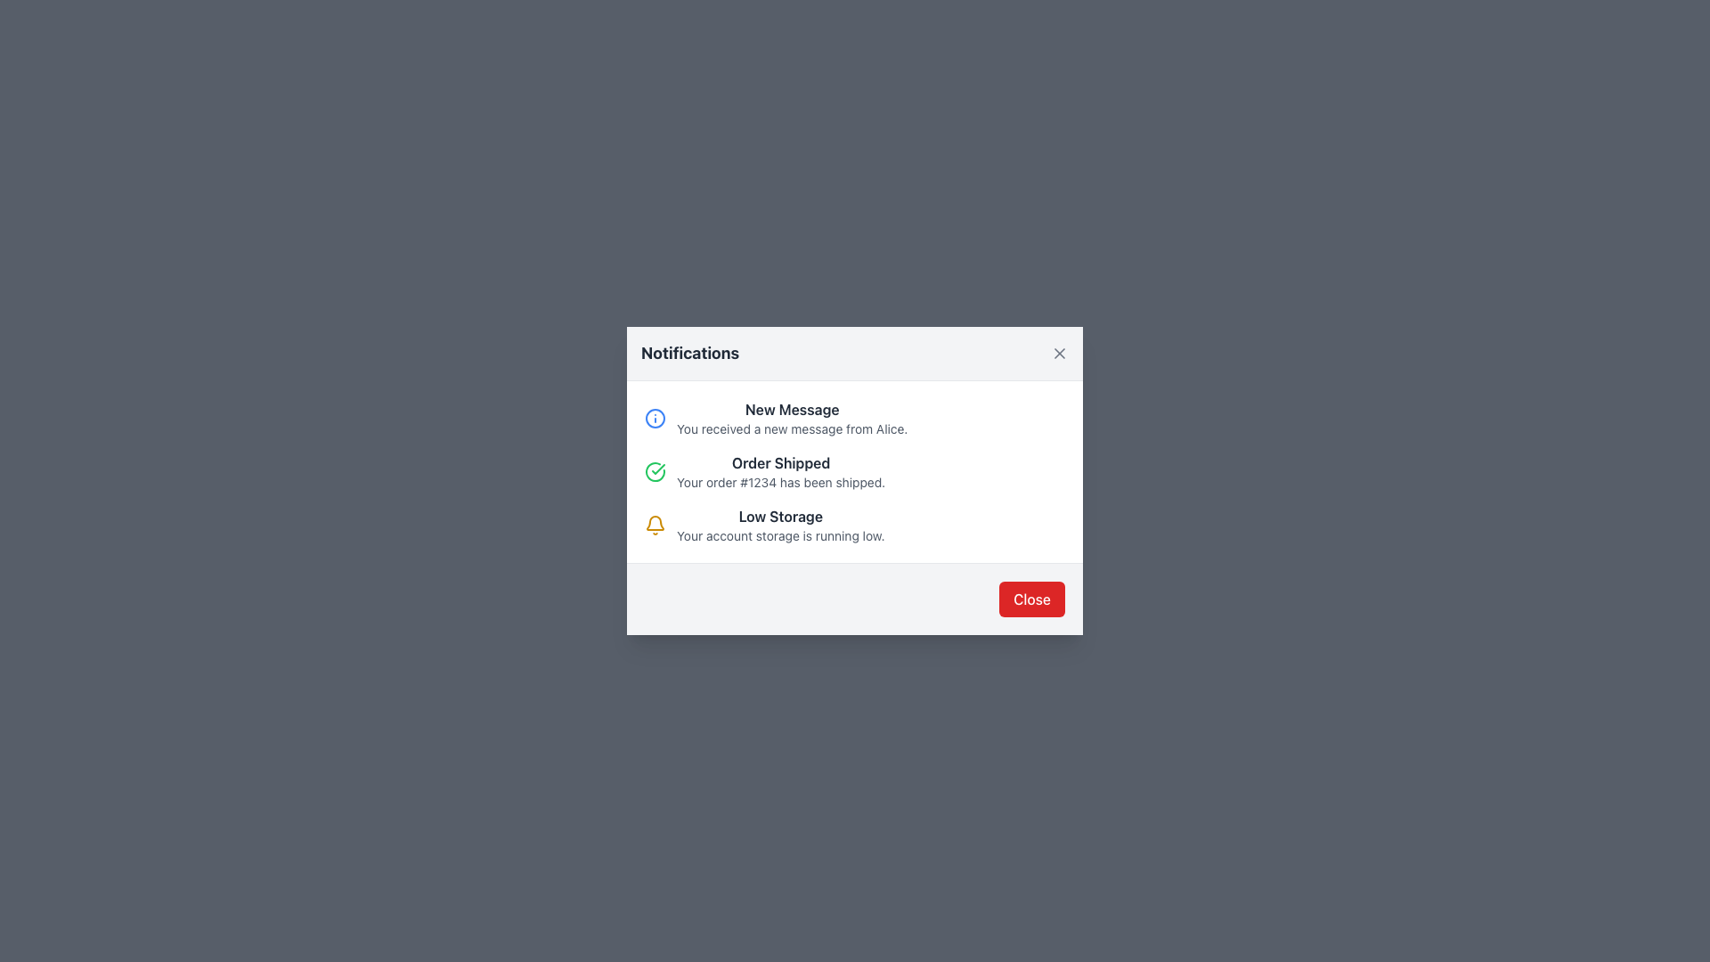 This screenshot has width=1710, height=962. Describe the element at coordinates (855, 419) in the screenshot. I see `the Notification Item that displays a blue information icon, a bolded title 'New Message', and a description 'You received a new message from Alice.'` at that location.